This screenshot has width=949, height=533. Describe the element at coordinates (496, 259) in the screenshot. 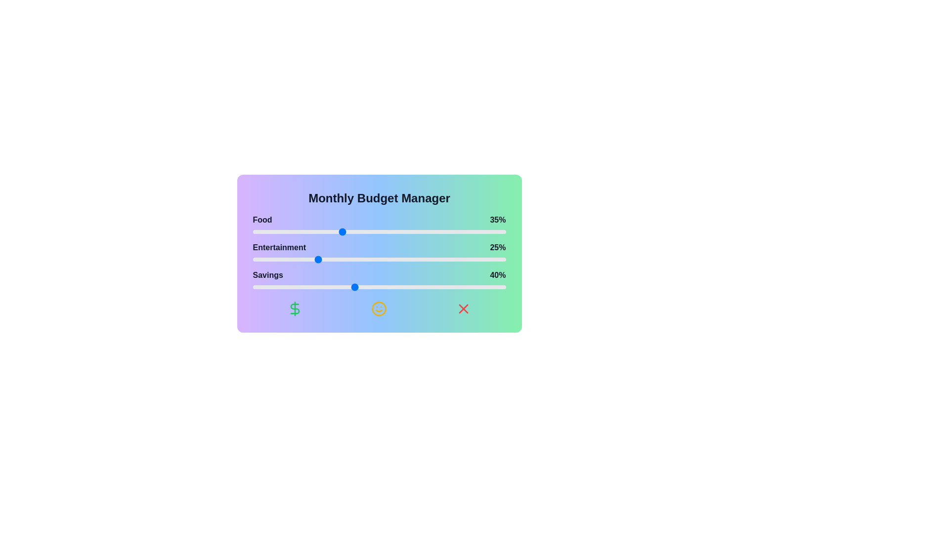

I see `the 'Entertainment' slider to 96%` at that location.